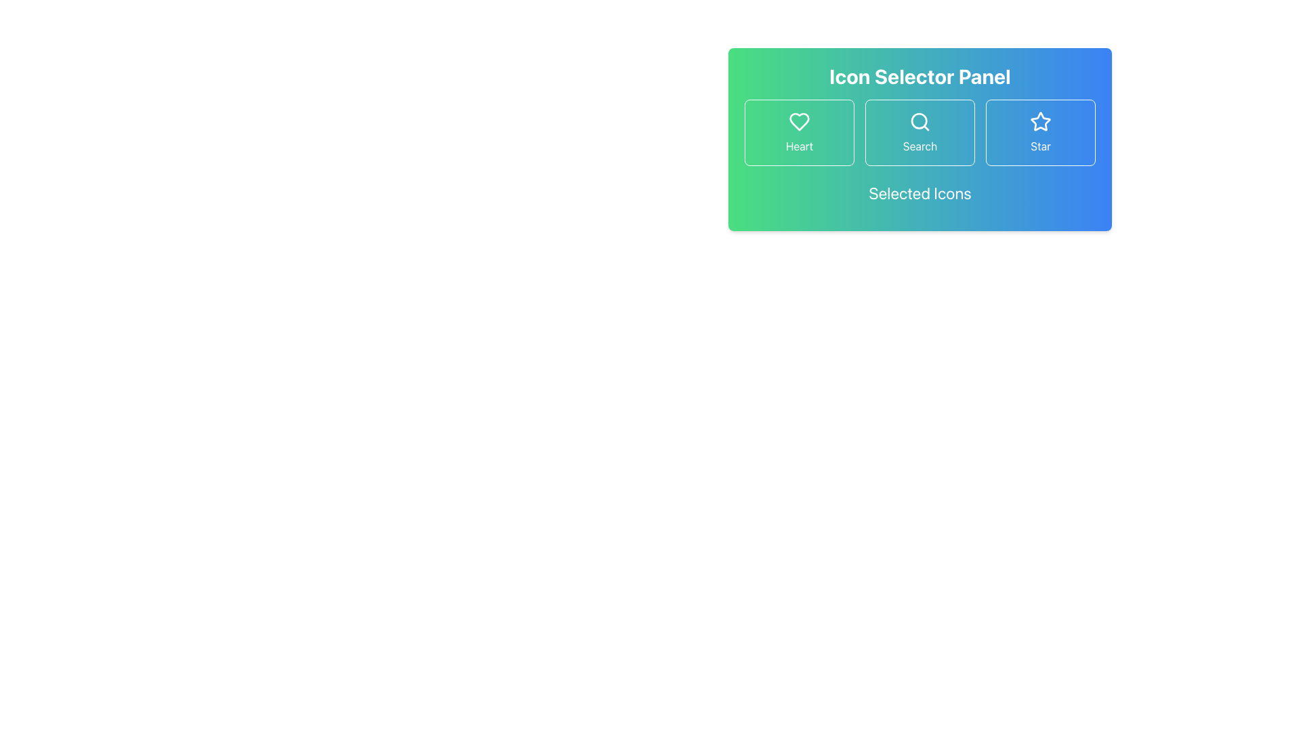 The image size is (1301, 732). What do you see at coordinates (1040, 133) in the screenshot?
I see `the 'Star' button located in the Icon Selector Panel` at bounding box center [1040, 133].